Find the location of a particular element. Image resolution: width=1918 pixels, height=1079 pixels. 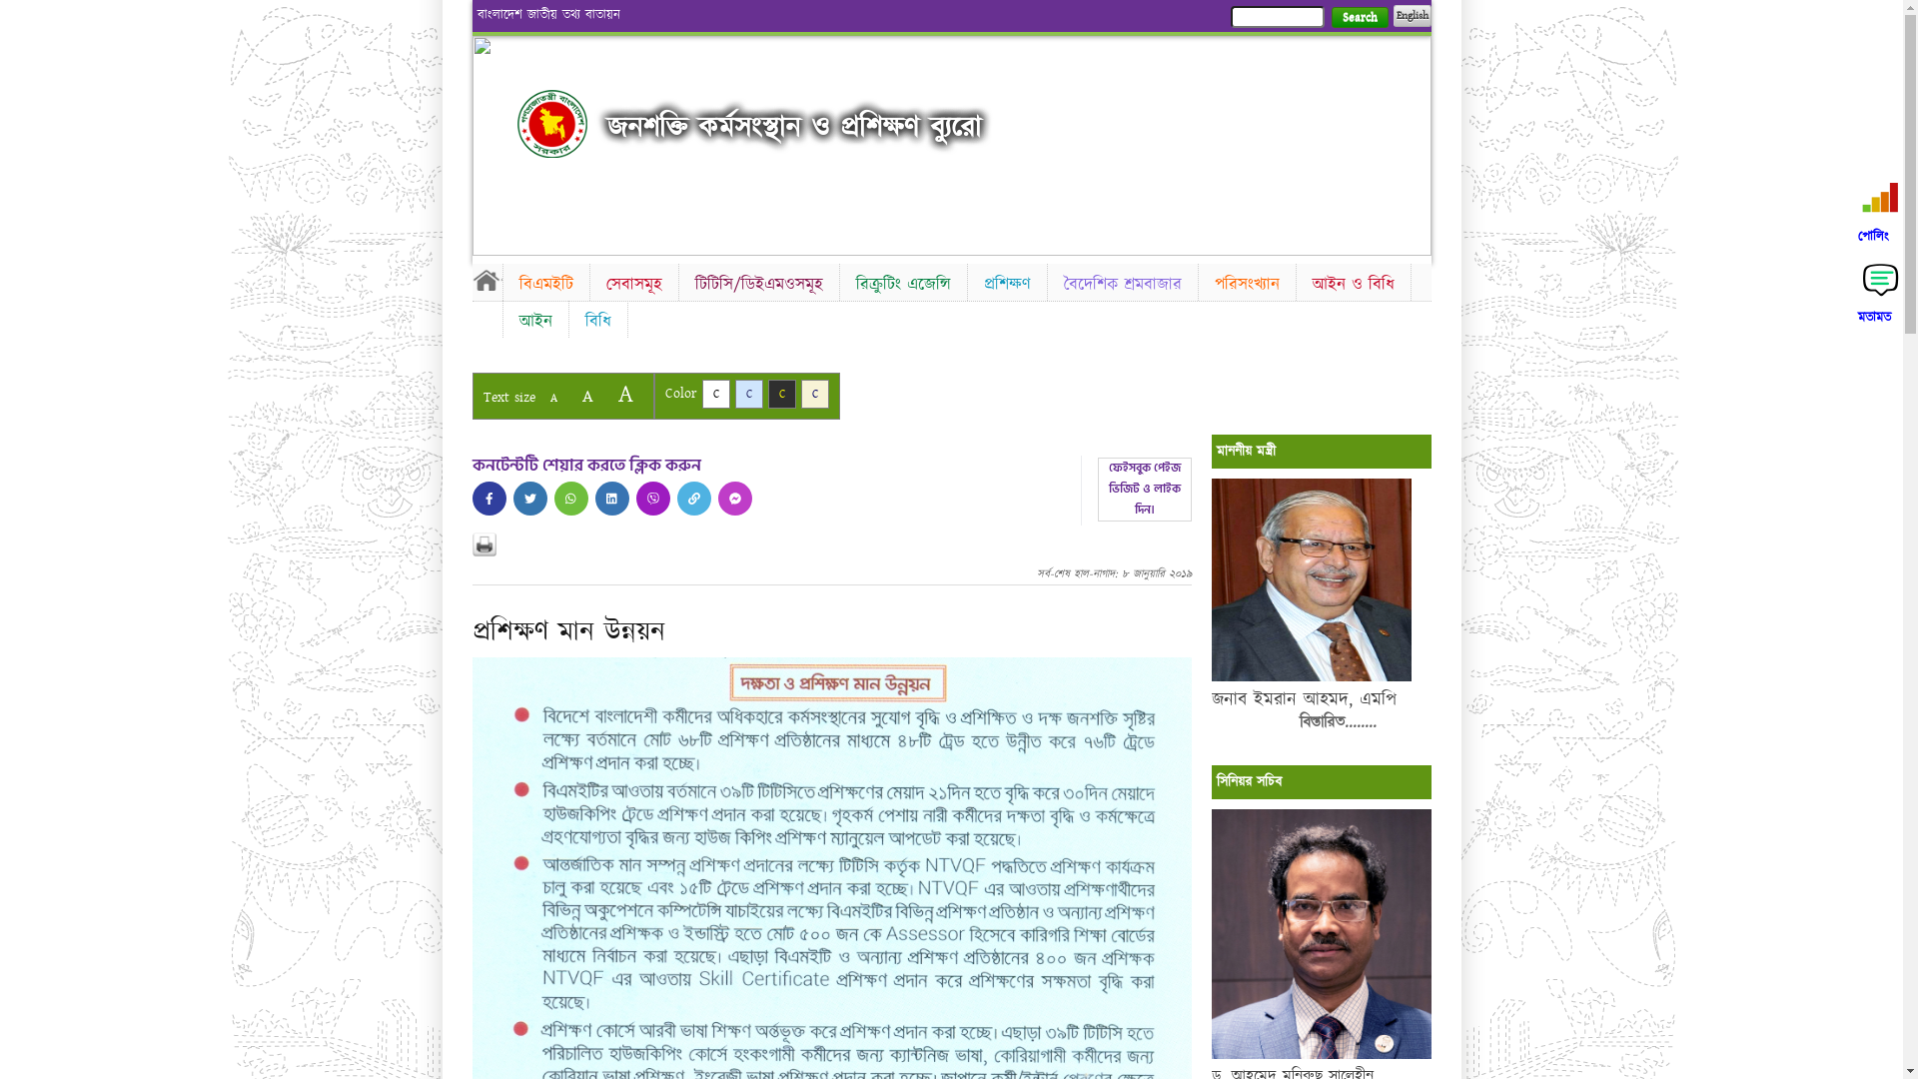

'A' is located at coordinates (606, 394).